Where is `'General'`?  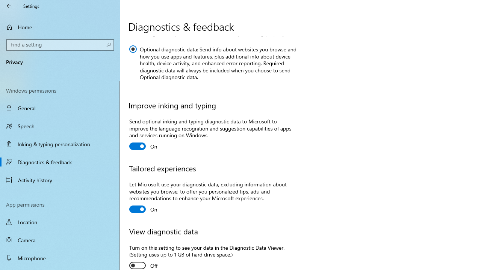
'General' is located at coordinates (60, 108).